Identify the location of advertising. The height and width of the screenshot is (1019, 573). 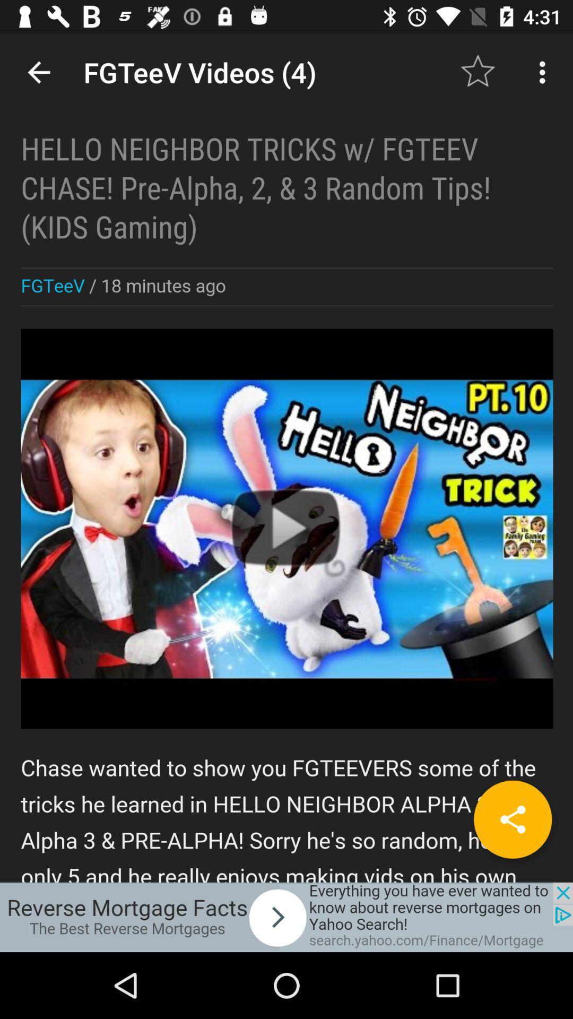
(286, 917).